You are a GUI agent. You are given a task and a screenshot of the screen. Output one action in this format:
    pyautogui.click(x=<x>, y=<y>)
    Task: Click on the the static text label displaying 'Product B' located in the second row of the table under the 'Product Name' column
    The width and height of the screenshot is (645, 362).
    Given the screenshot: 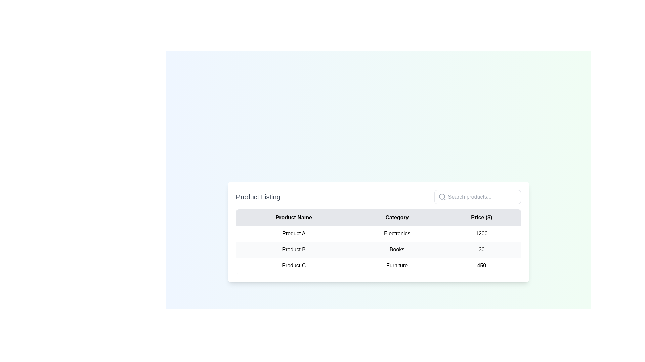 What is the action you would take?
    pyautogui.click(x=294, y=249)
    